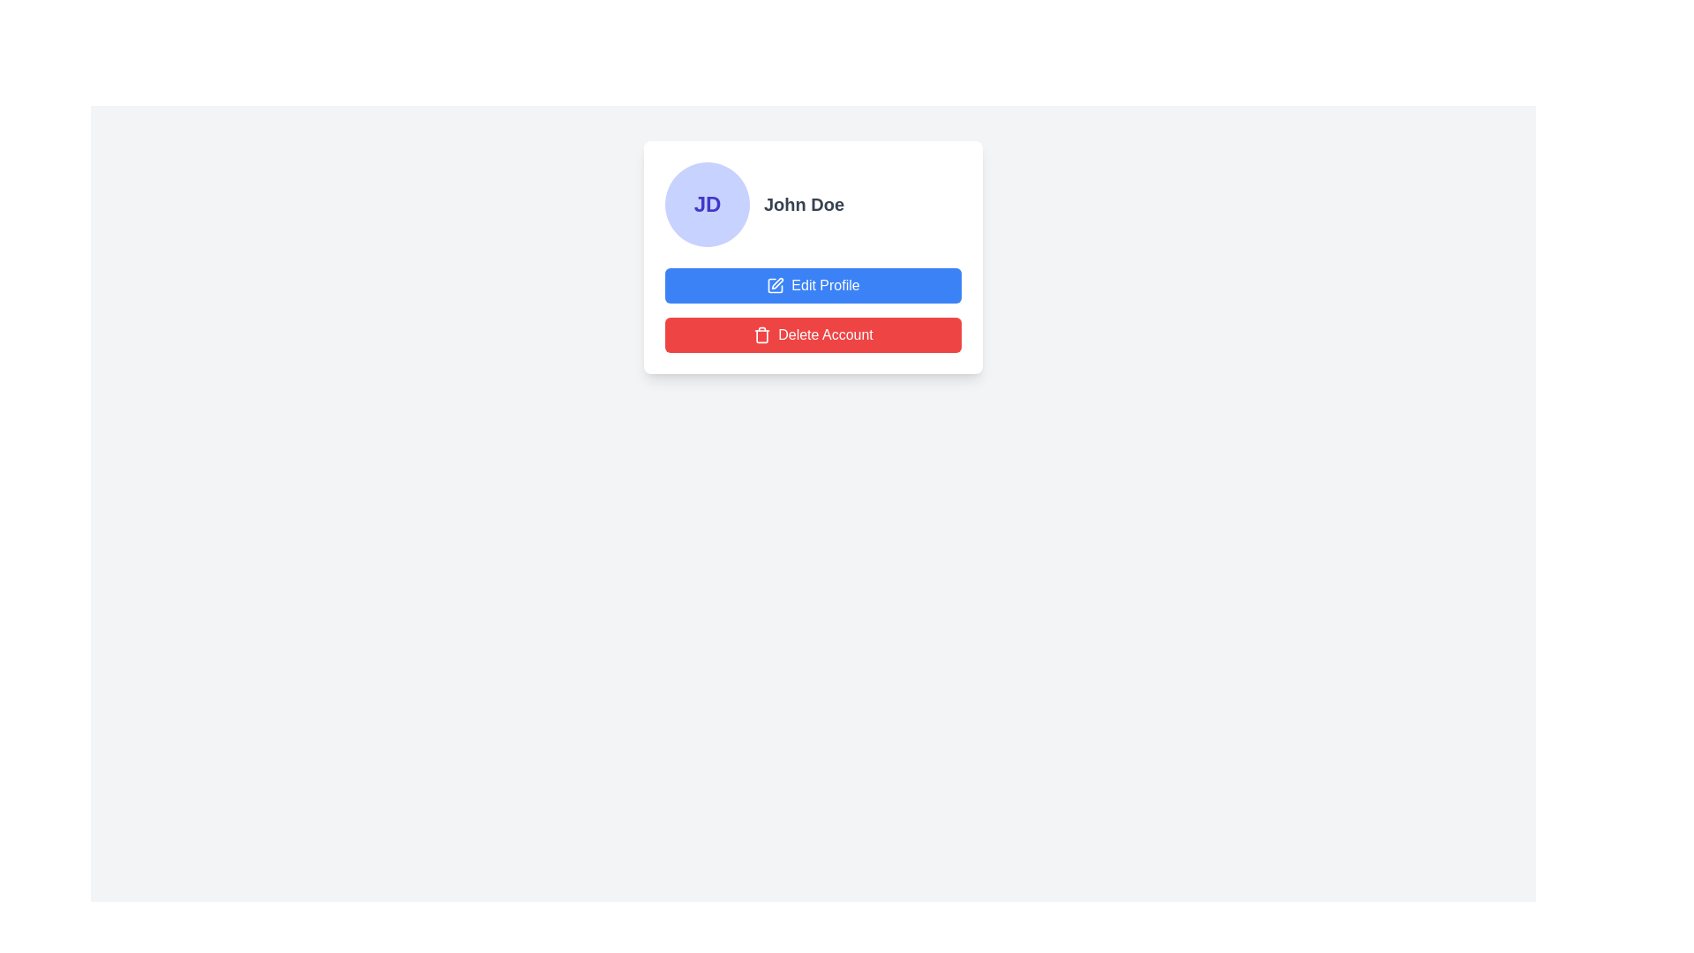 Image resolution: width=1694 pixels, height=953 pixels. I want to click on the 'Edit Profile' button which contains a white text label on a blue background located beneath the user name 'John Doe' in the profile information card, so click(825, 285).